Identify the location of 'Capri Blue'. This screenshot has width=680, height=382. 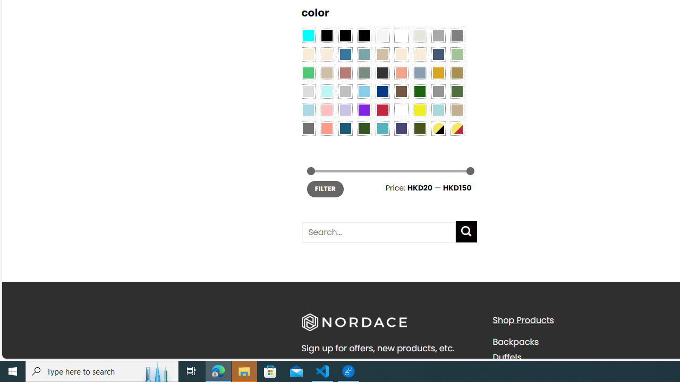
(345, 128).